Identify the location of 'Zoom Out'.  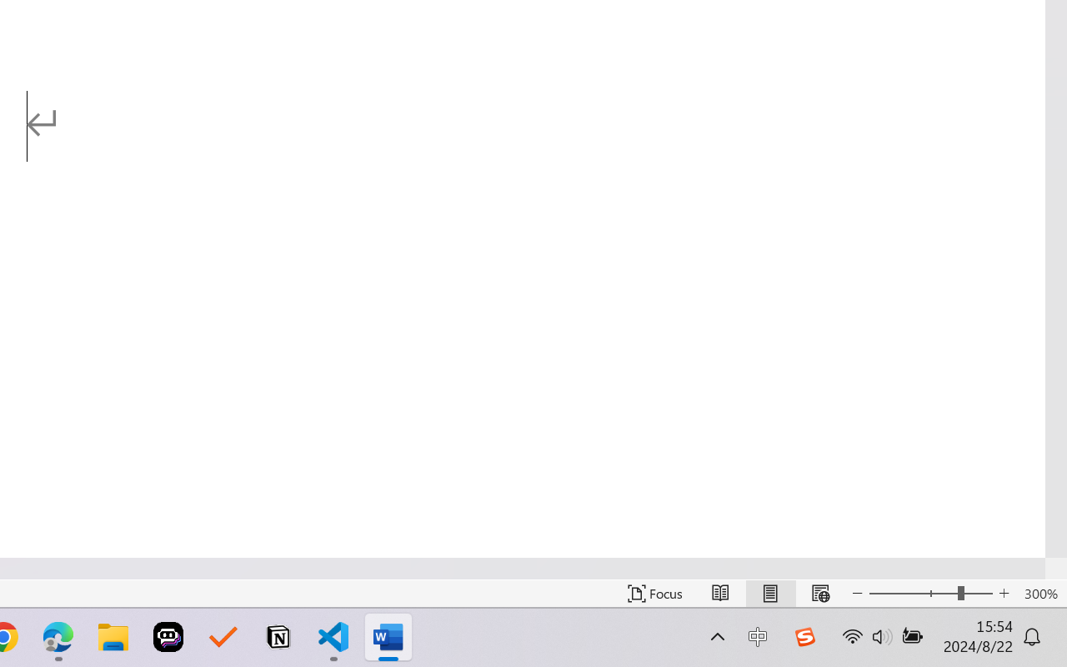
(912, 593).